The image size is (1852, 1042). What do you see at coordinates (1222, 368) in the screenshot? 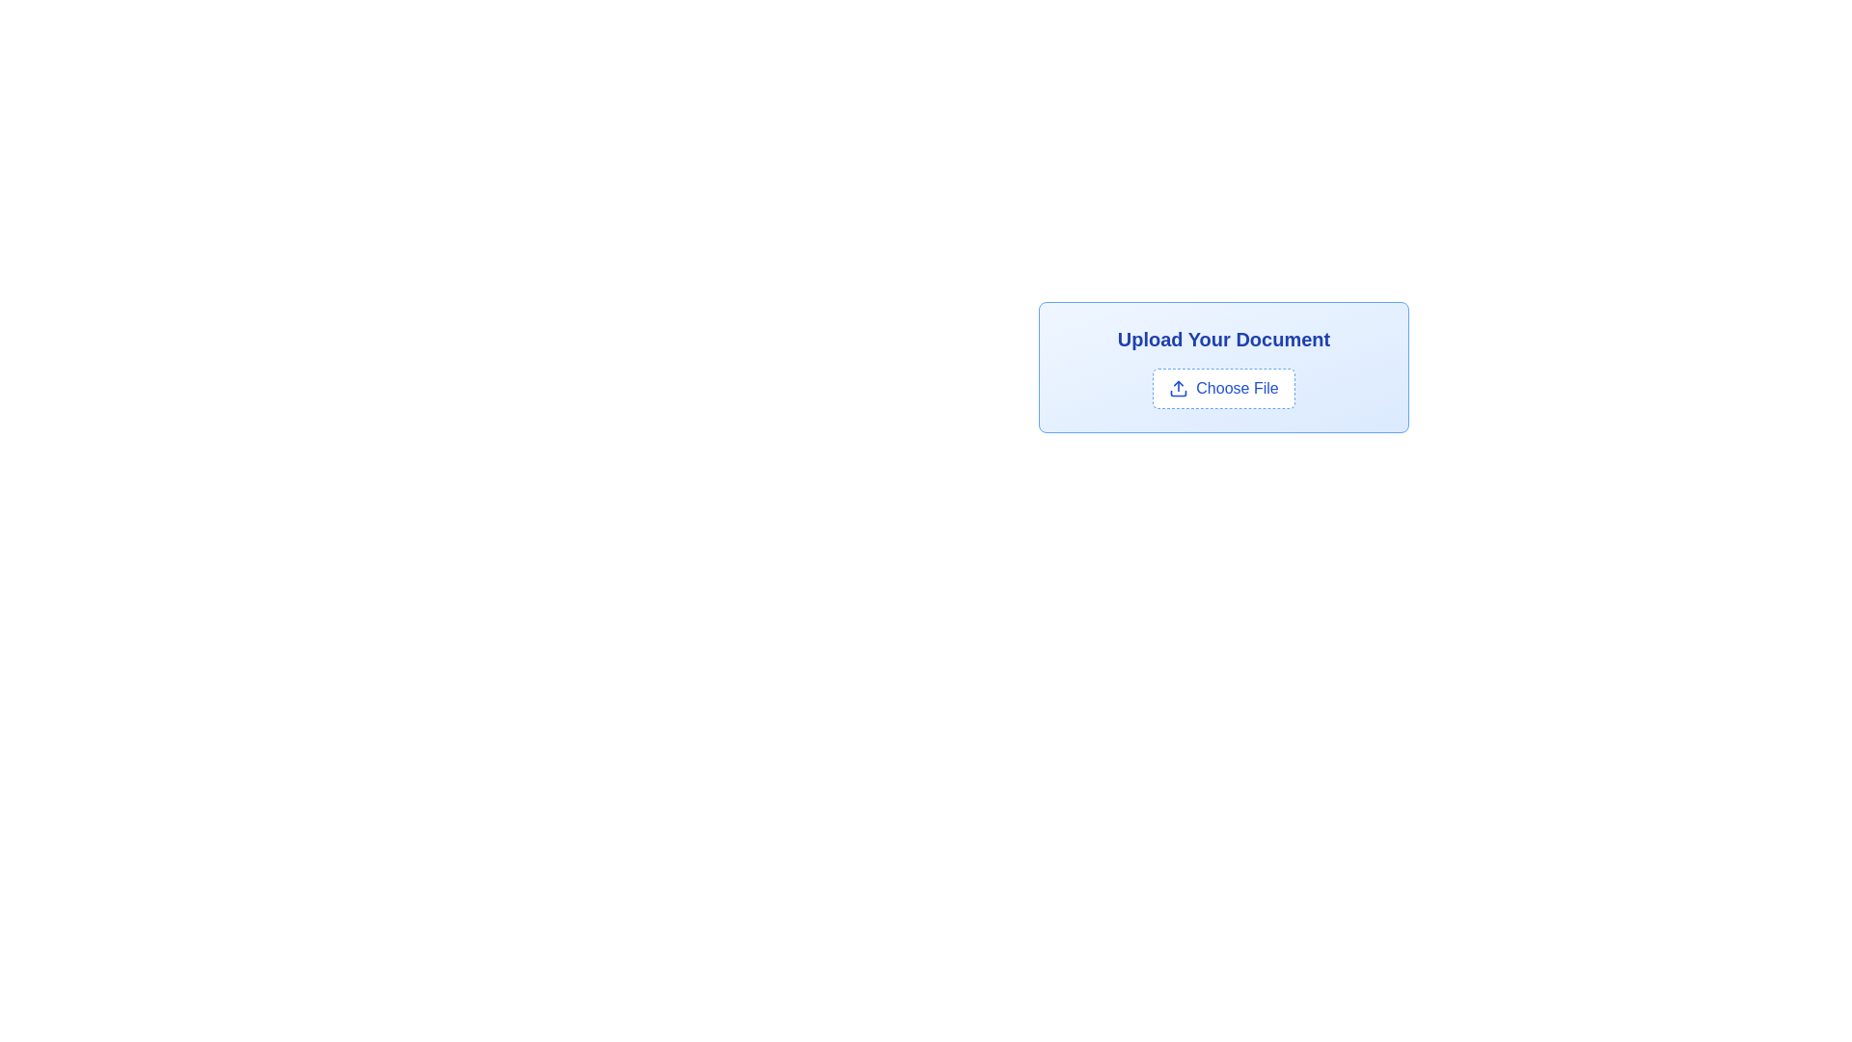
I see `the 'Choose File' button with a white background and dashed blue border, located beneath the 'Upload Your Document' text` at bounding box center [1222, 368].